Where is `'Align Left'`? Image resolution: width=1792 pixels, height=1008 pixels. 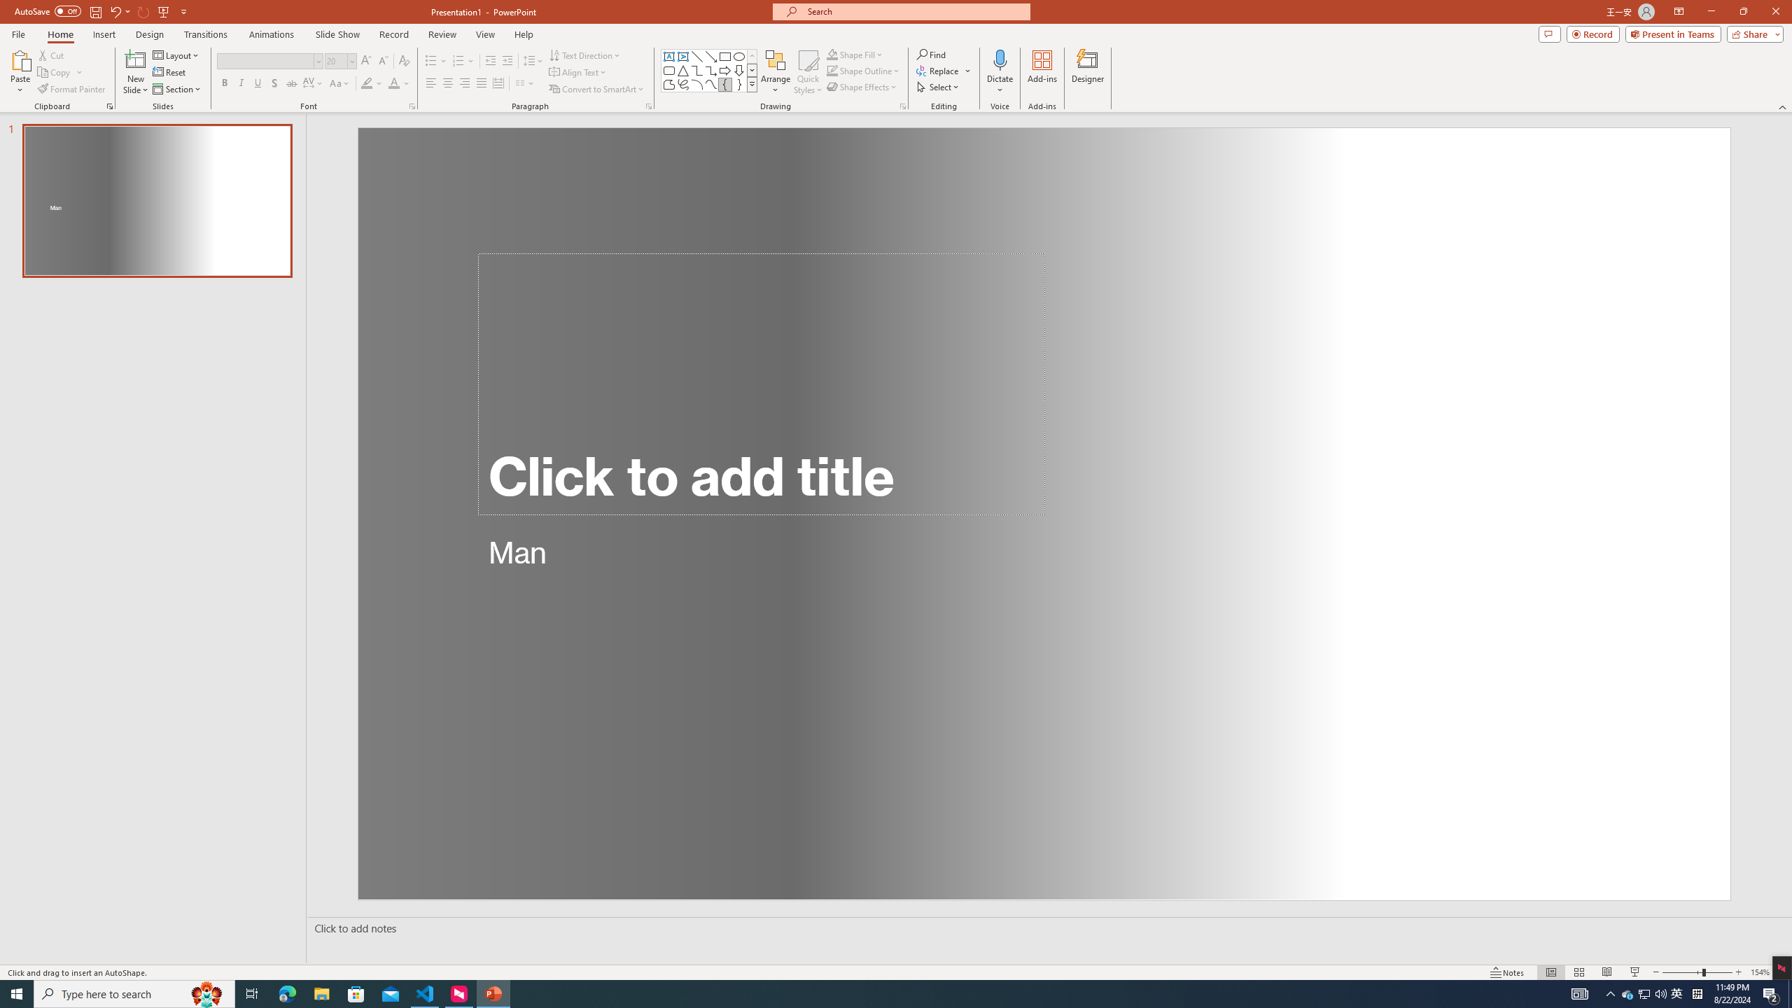
'Align Left' is located at coordinates (430, 83).